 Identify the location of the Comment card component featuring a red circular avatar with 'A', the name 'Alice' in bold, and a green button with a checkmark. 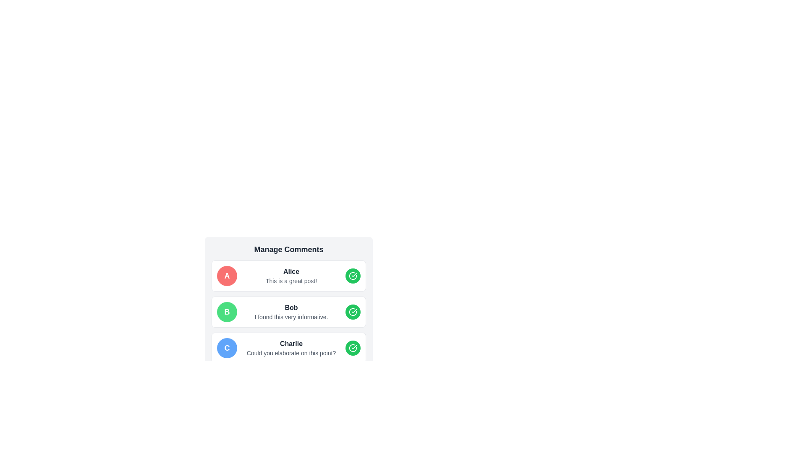
(288, 276).